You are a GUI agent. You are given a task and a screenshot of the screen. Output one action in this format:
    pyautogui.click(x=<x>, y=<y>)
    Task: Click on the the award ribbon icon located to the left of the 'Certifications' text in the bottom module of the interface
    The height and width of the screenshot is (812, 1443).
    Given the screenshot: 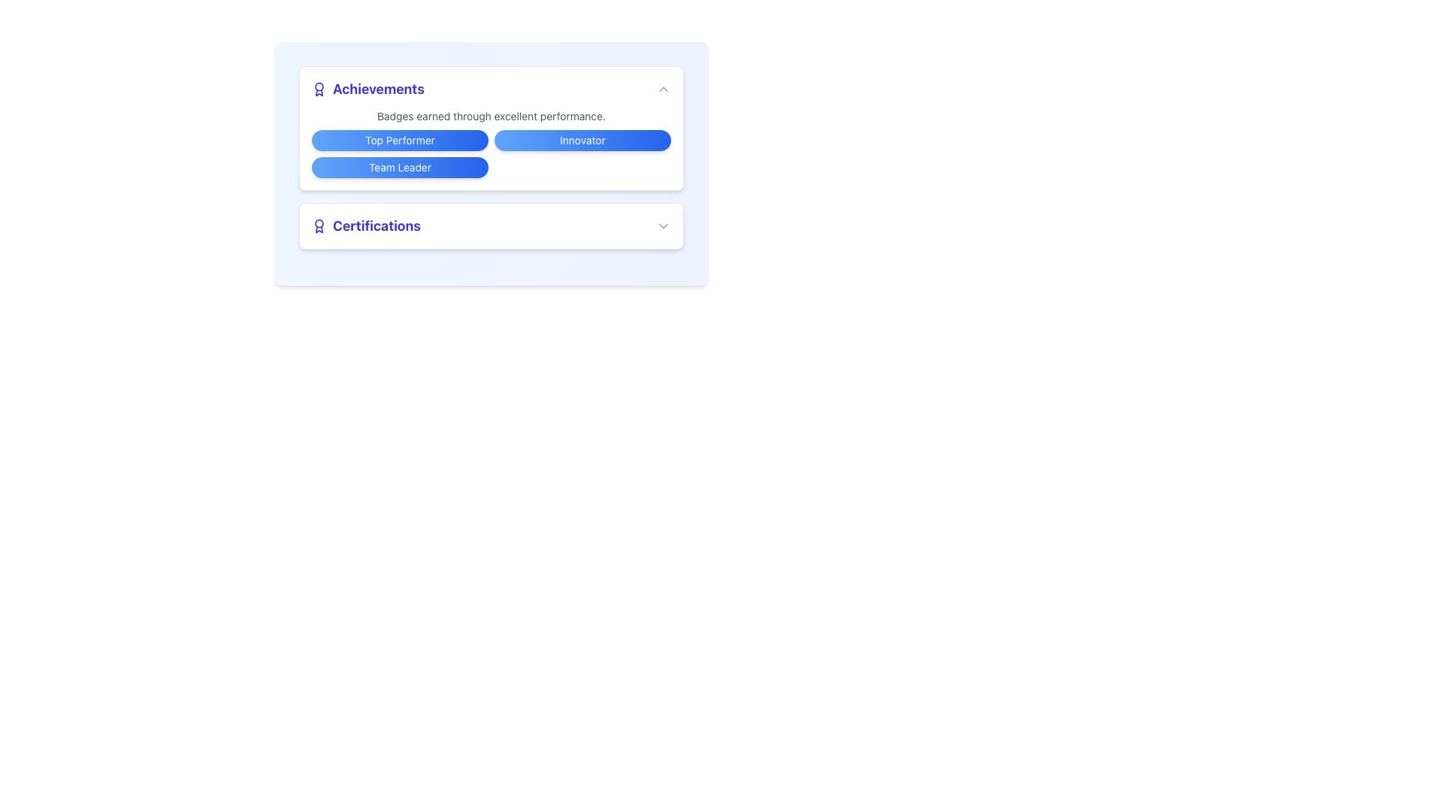 What is the action you would take?
    pyautogui.click(x=319, y=226)
    